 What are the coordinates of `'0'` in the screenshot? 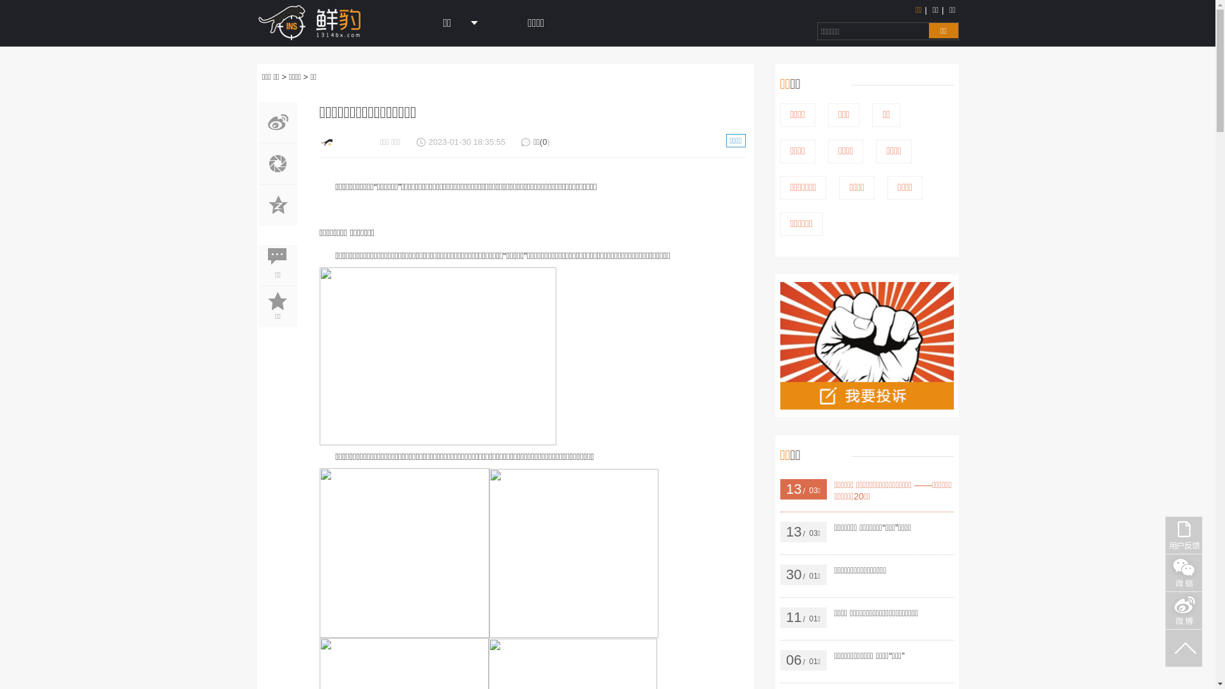 It's located at (544, 142).